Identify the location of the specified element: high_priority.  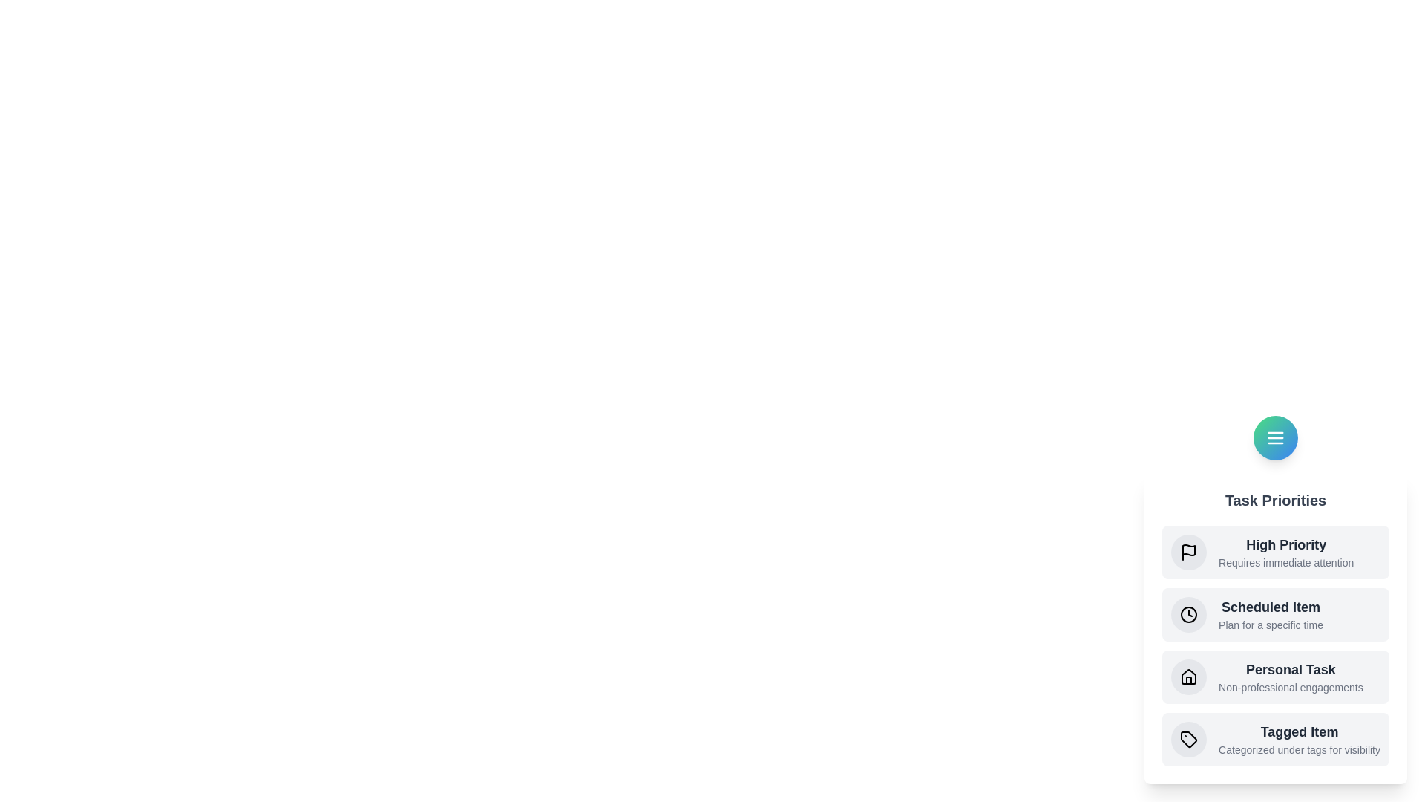
(1189, 552).